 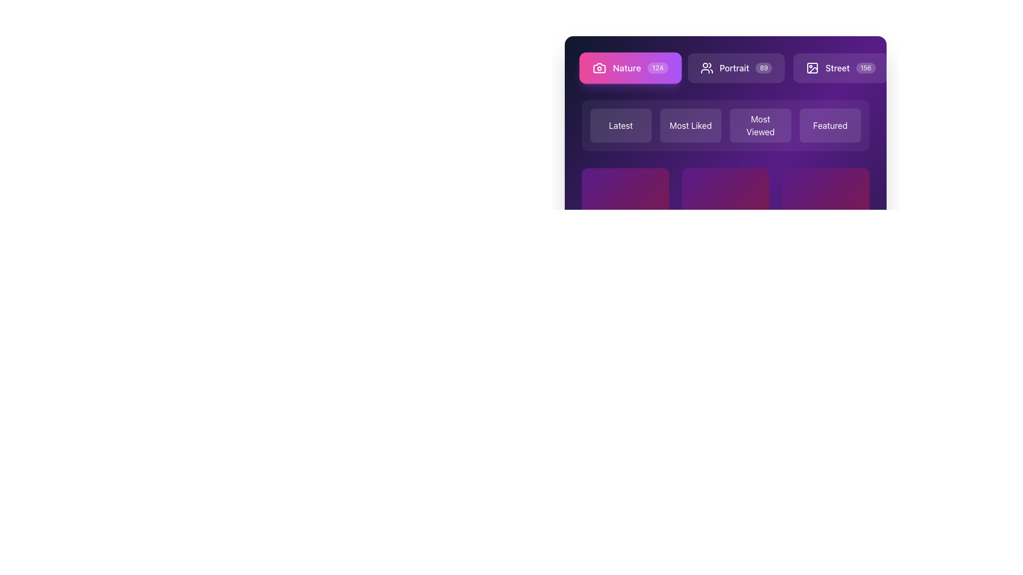 I want to click on the rounded rectangular button with a gradient background transitioning from pink, so click(x=791, y=68).